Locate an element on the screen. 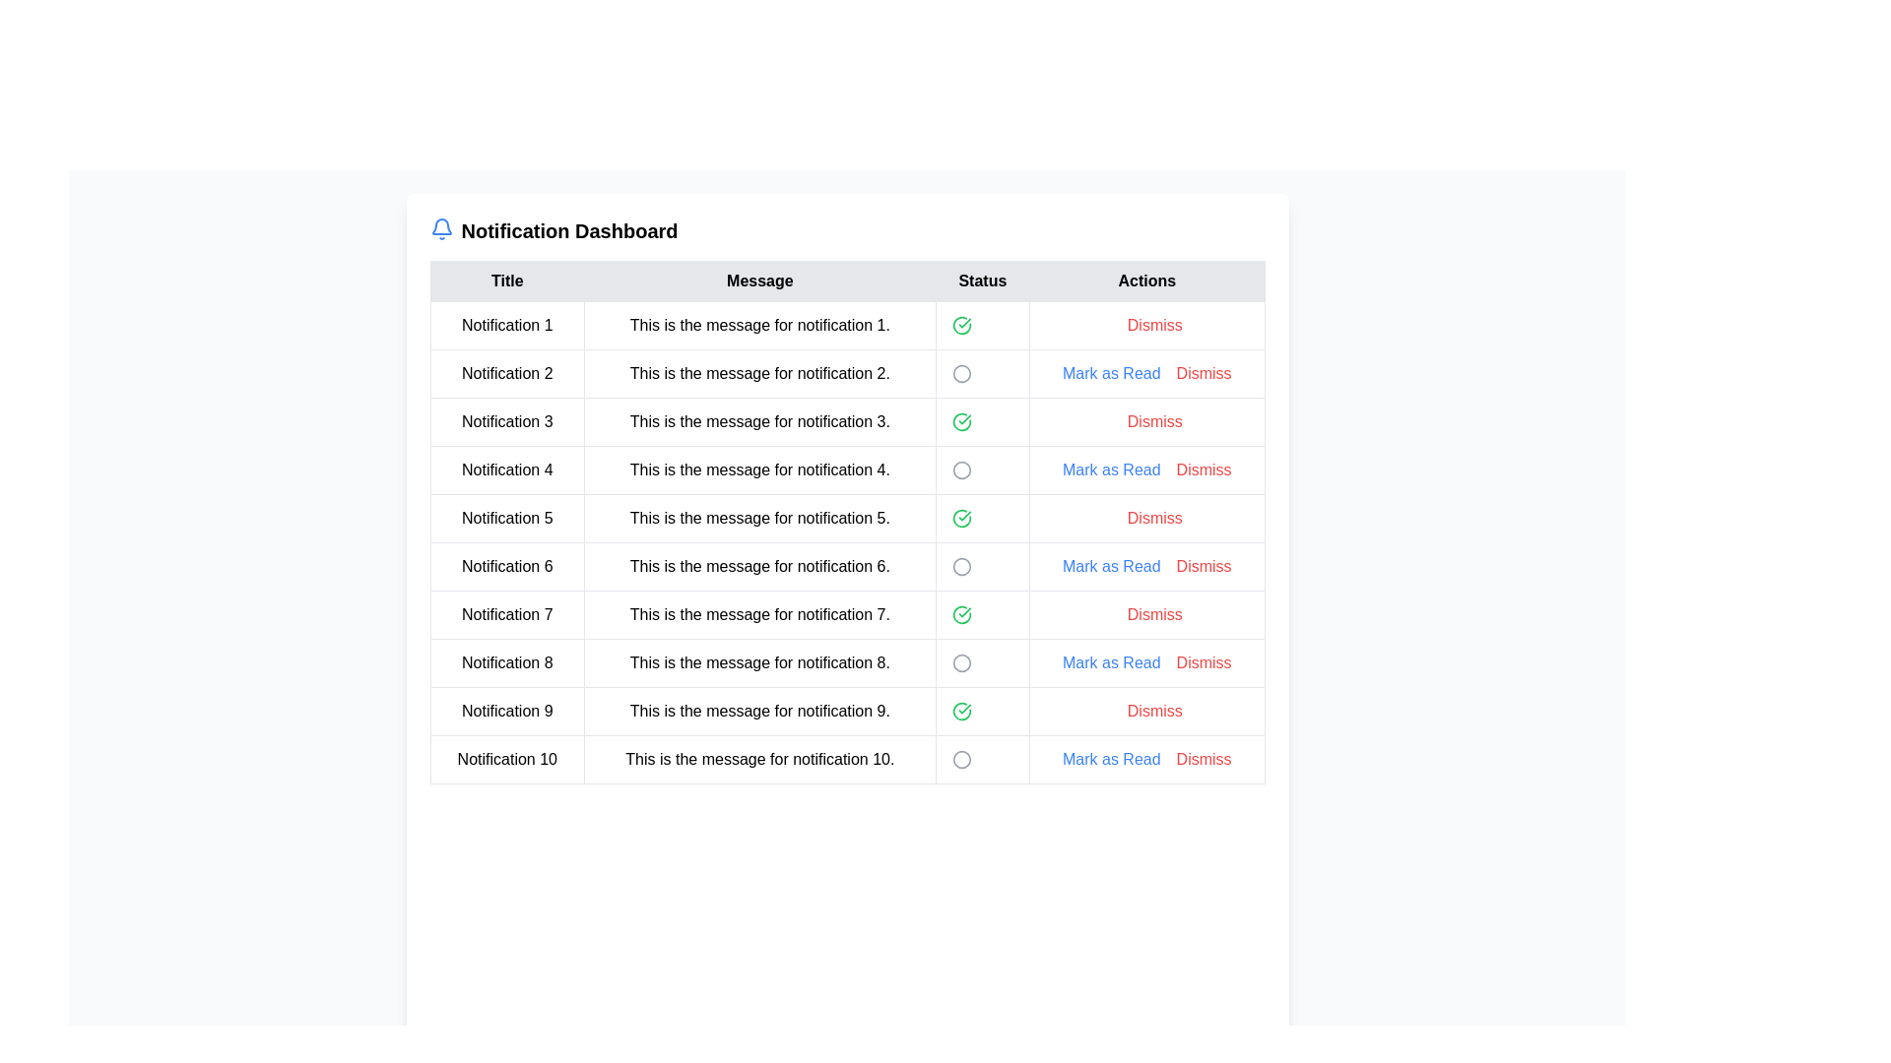 The image size is (1891, 1063). the Table Cell displaying the title of the second notification in the list is located at coordinates (507, 374).